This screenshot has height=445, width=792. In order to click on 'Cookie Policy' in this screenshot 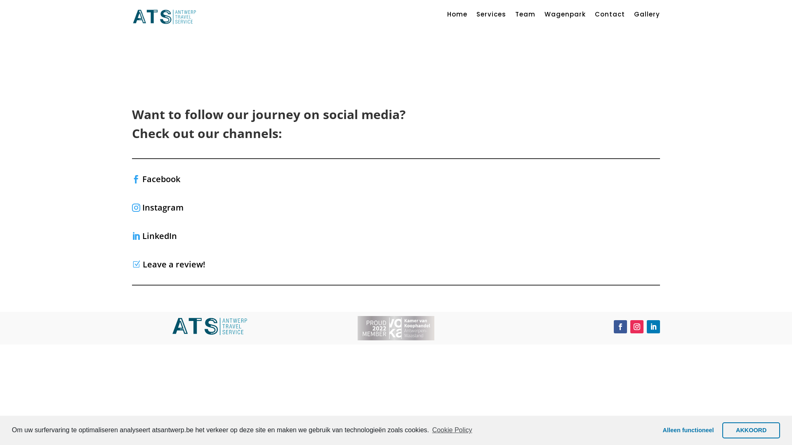, I will do `click(451, 430)`.